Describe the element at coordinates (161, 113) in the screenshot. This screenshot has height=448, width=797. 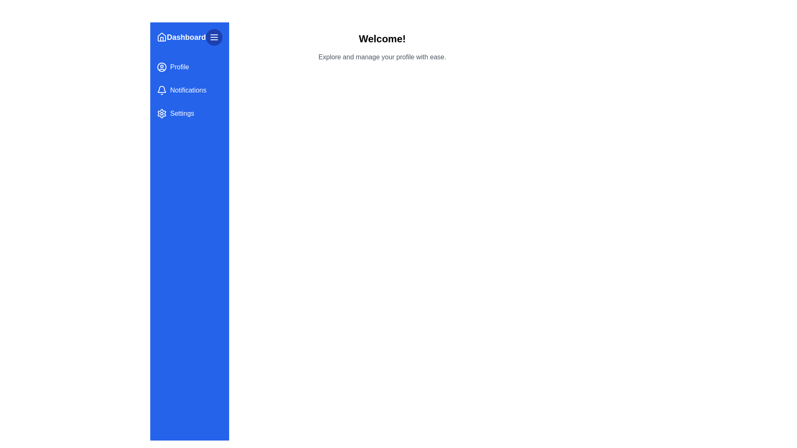
I see `the 'Settings' icon located on the left navigation panel, which is the third icon in the vertical list, below 'Profile' and 'Notifications'` at that location.